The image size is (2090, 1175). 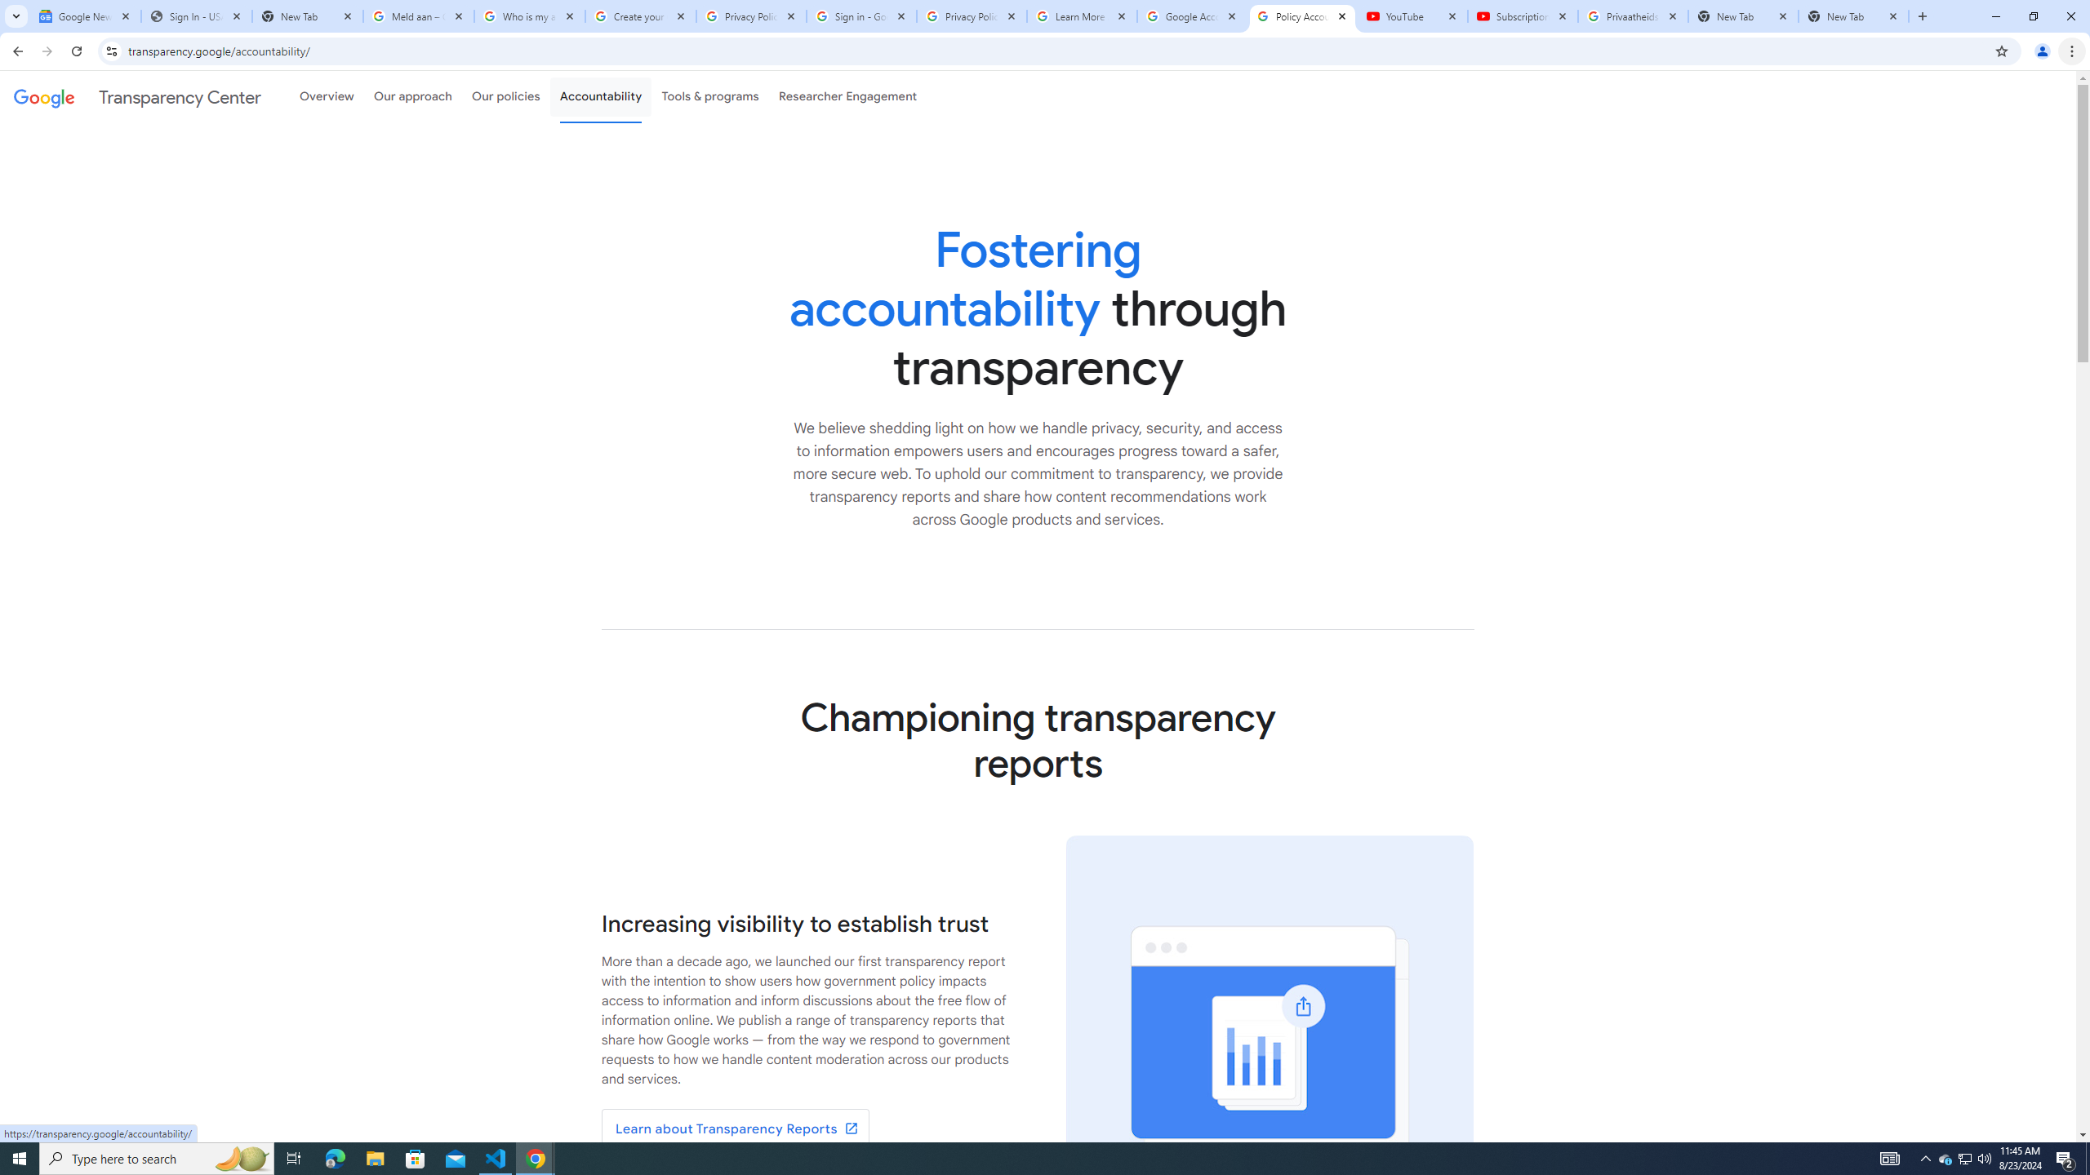 What do you see at coordinates (1191, 16) in the screenshot?
I see `'Google Account'` at bounding box center [1191, 16].